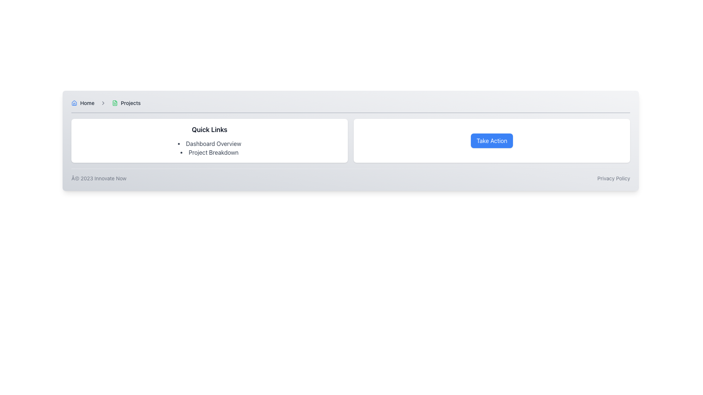 This screenshot has width=703, height=395. What do you see at coordinates (114, 103) in the screenshot?
I see `the 'Projects' icon in the breadcrumb navigation by moving the cursor to its center point` at bounding box center [114, 103].